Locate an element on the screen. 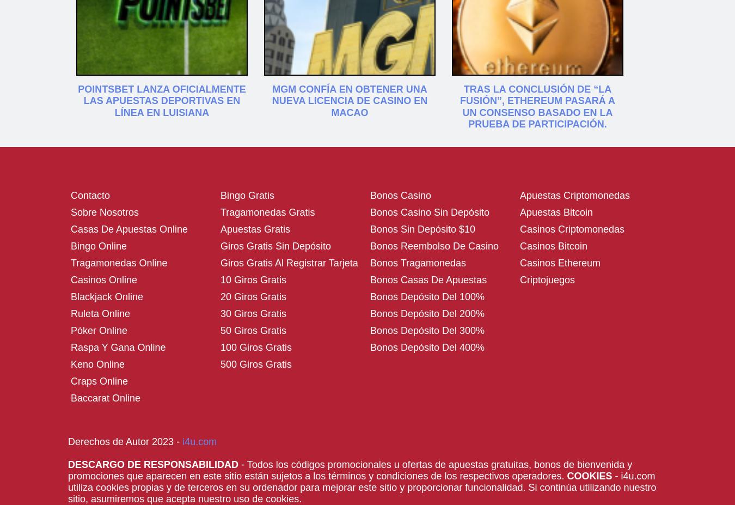 The image size is (735, 505). 'Blackjack Online' is located at coordinates (107, 296).